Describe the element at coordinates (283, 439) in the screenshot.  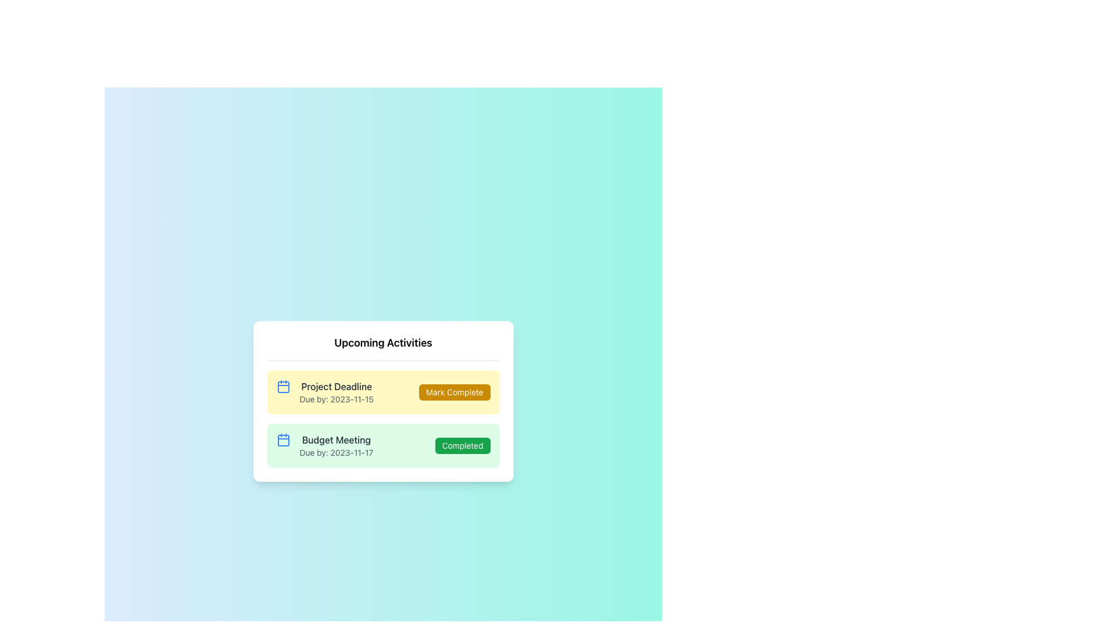
I see `the calendar icon located next to the 'Budget Meeting' text in the second row of the 'Upcoming Activities' list widget` at that location.